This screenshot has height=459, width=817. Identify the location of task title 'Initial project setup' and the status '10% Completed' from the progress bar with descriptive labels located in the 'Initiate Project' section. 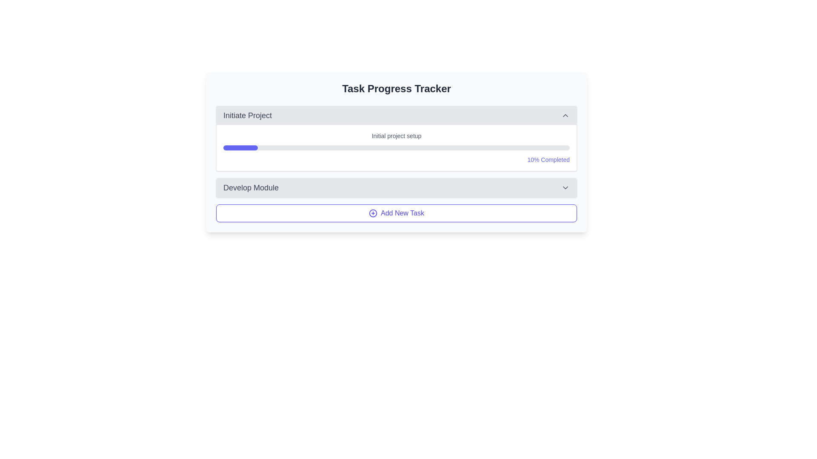
(396, 147).